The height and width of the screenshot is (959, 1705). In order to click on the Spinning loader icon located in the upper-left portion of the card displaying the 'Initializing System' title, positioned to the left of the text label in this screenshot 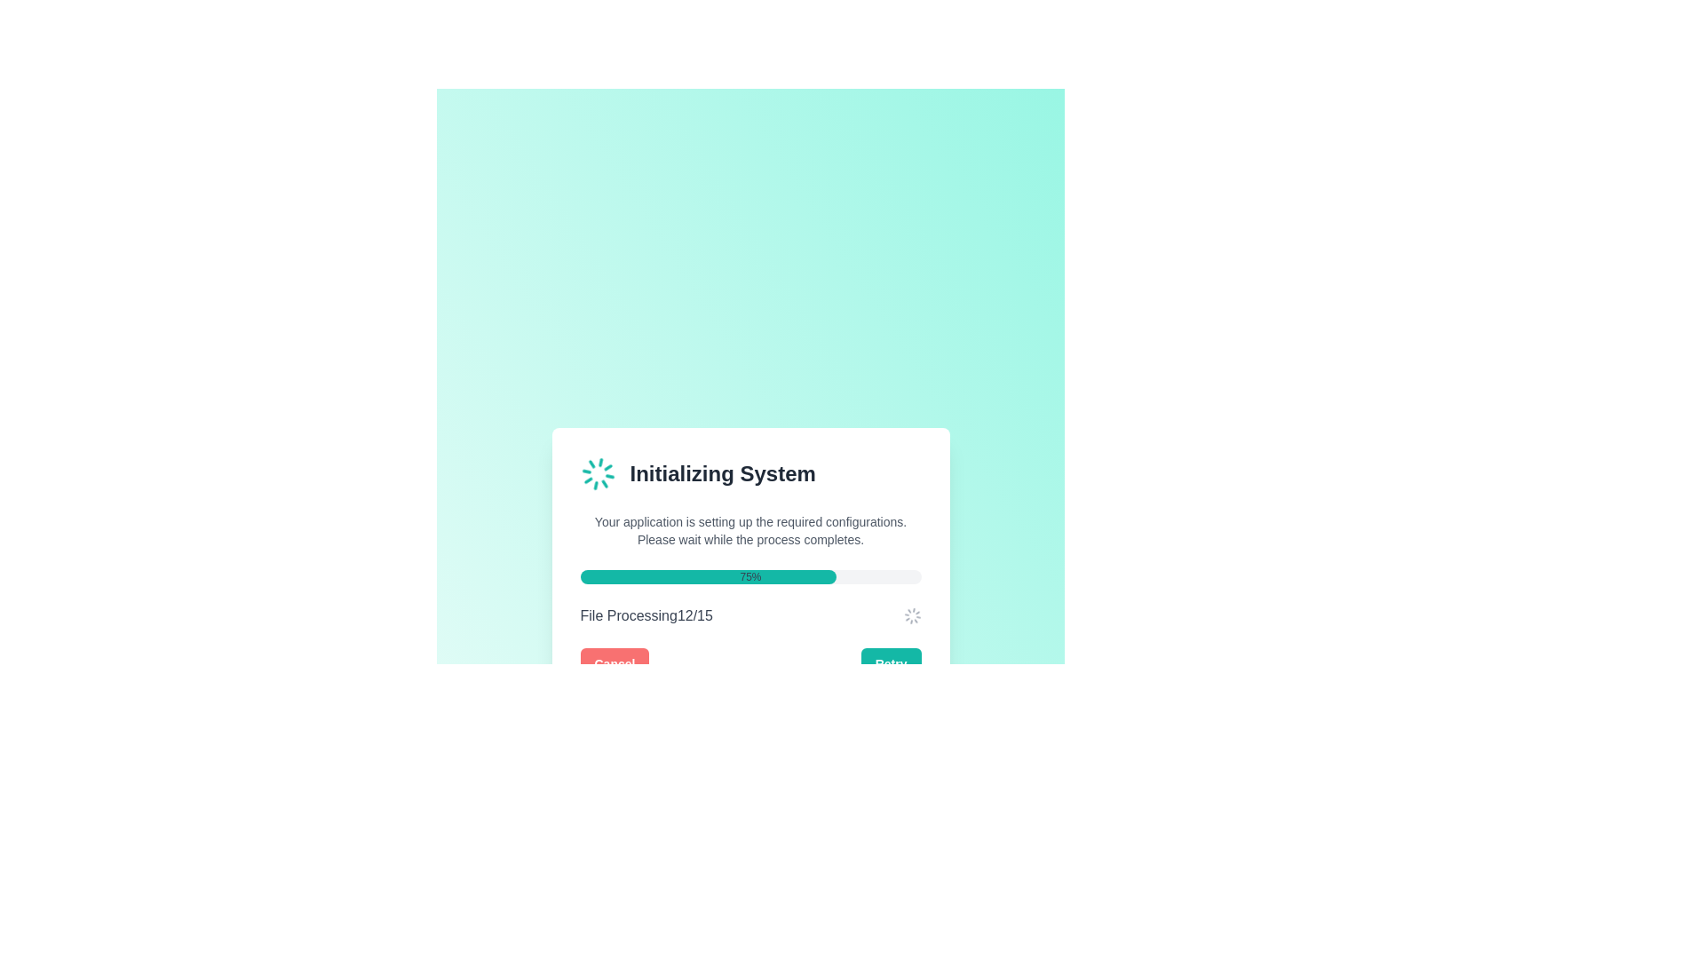, I will do `click(598, 472)`.